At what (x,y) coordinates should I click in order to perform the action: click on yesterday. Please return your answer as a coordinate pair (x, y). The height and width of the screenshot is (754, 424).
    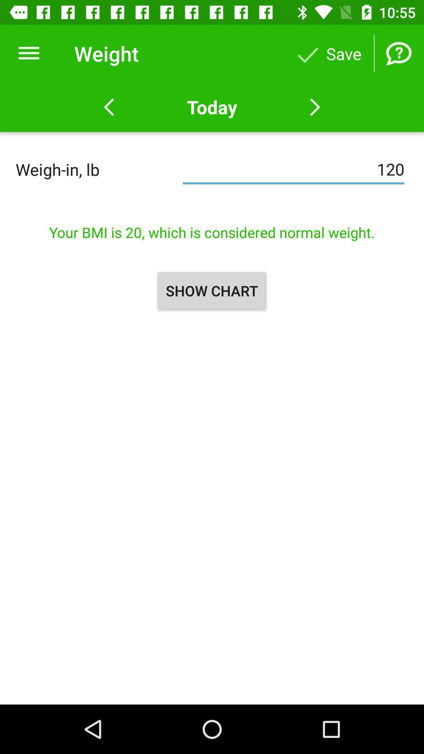
    Looking at the image, I should click on (109, 107).